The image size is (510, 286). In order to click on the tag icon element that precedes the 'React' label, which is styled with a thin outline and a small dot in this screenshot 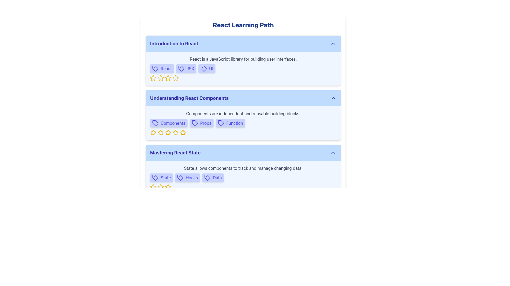, I will do `click(155, 68)`.